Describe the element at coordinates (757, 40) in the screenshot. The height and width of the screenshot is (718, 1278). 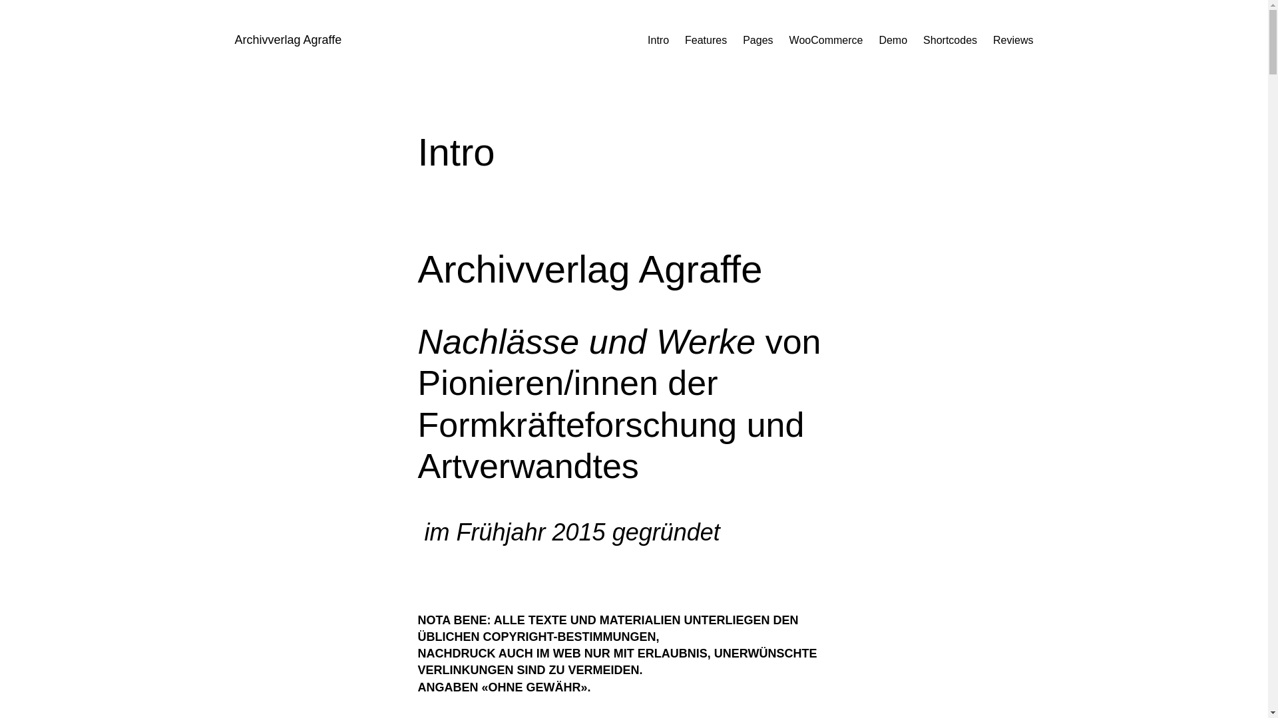
I see `'Pages'` at that location.